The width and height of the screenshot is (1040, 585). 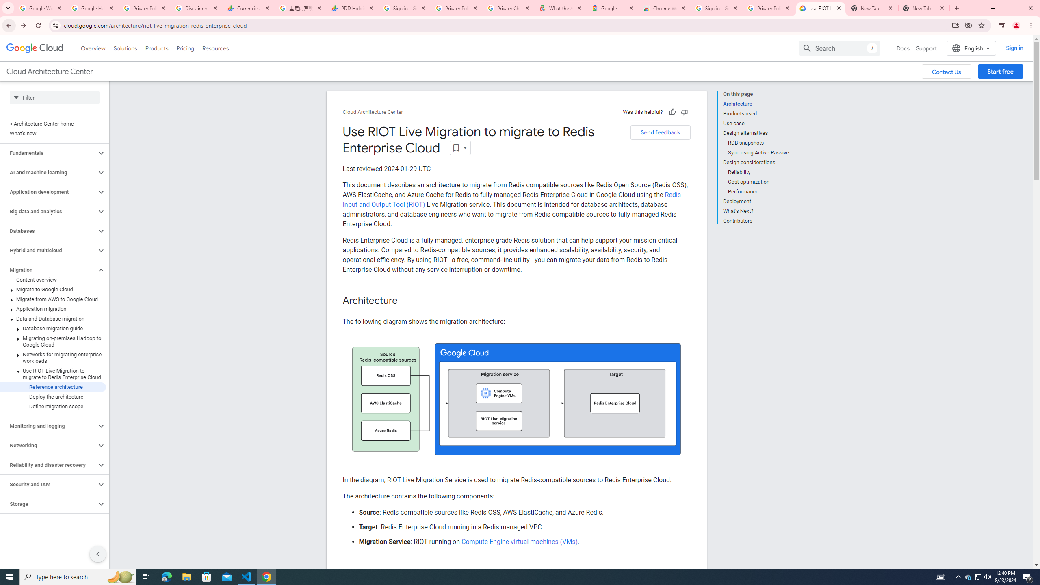 I want to click on 'AI and machine learning', so click(x=48, y=172).